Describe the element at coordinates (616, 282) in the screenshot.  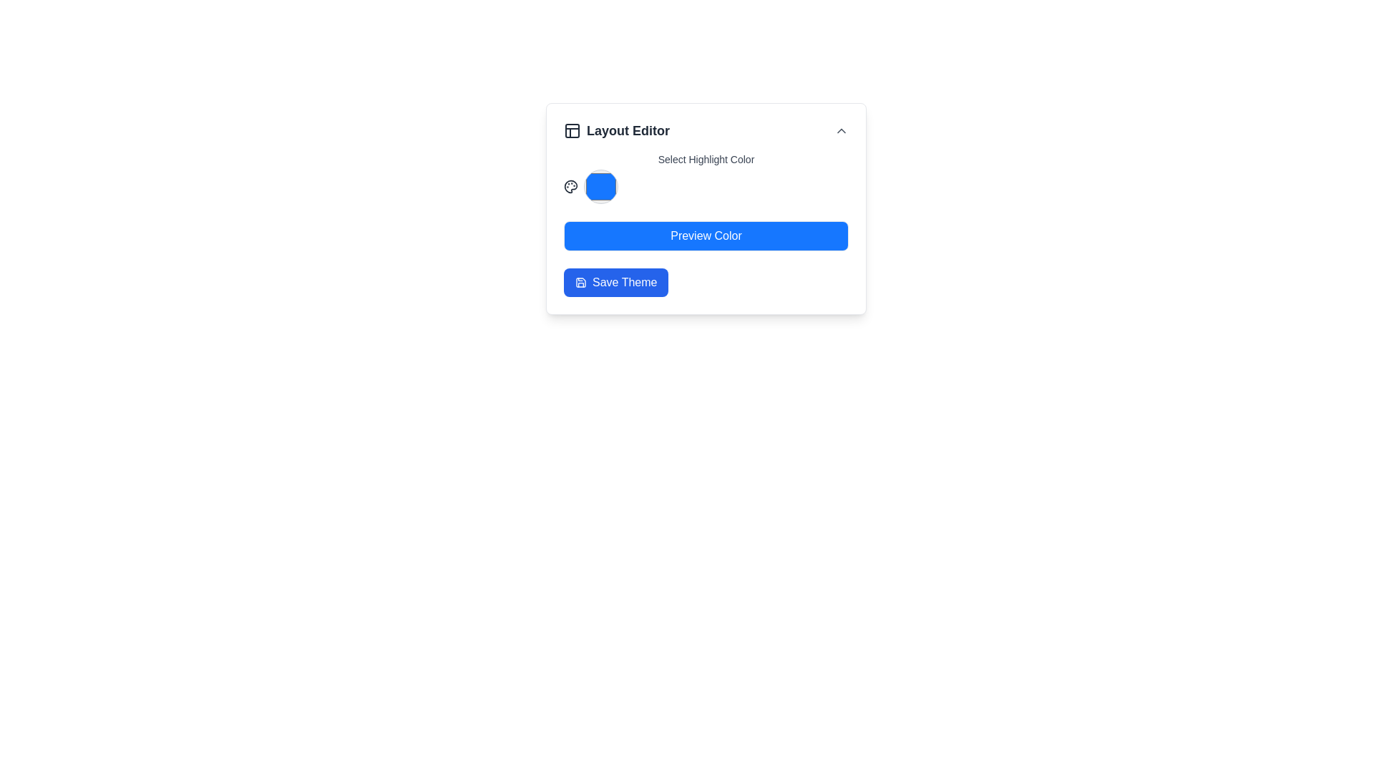
I see `the save button located at the bottom of the column, below the blue 'Preview Color' button` at that location.